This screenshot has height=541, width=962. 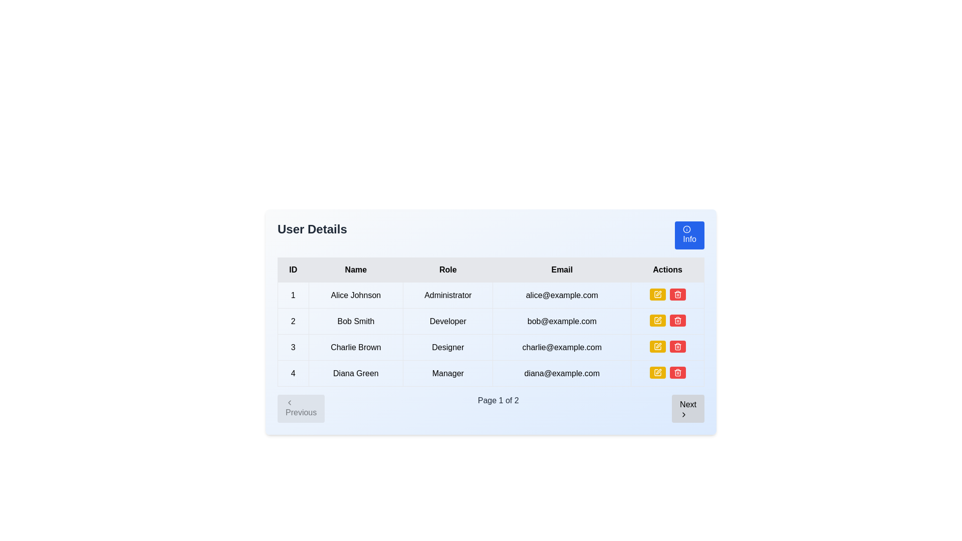 What do you see at coordinates (657, 373) in the screenshot?
I see `the pen icon within the yellow edit button in the 'Actions' column of the user data table for the fourth row corresponding to 'Diana Green'` at bounding box center [657, 373].